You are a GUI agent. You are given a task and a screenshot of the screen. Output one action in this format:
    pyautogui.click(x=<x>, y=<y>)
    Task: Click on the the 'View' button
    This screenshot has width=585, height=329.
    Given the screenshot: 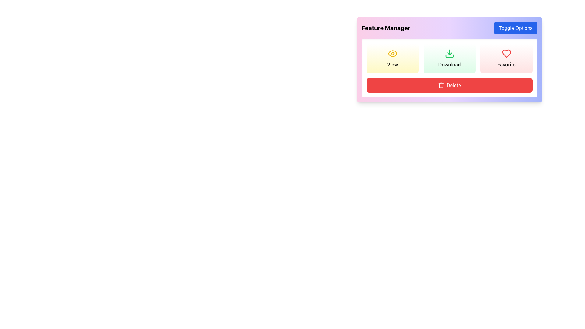 What is the action you would take?
    pyautogui.click(x=392, y=58)
    